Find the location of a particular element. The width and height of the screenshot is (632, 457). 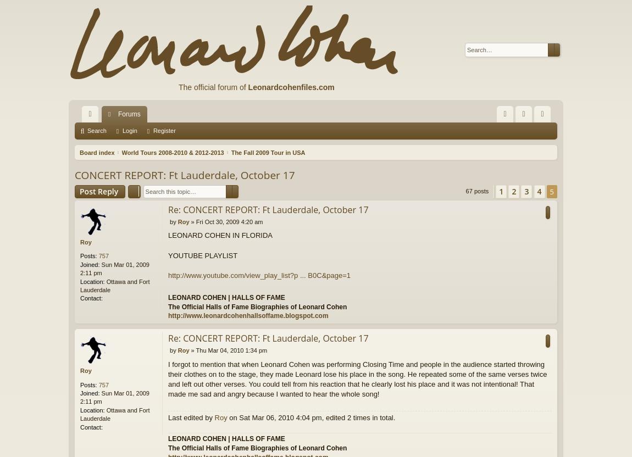

'1' is located at coordinates (501, 191).